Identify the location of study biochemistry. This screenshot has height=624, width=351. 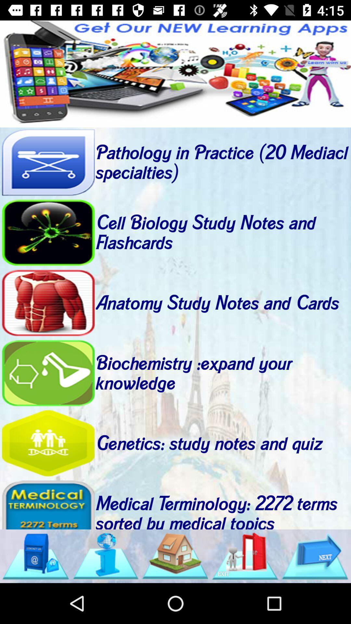
(48, 373).